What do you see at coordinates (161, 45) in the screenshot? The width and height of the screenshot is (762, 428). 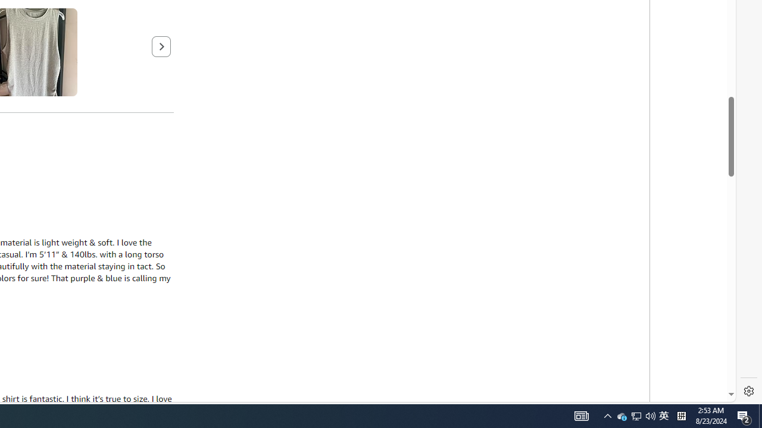 I see `'Next page'` at bounding box center [161, 45].